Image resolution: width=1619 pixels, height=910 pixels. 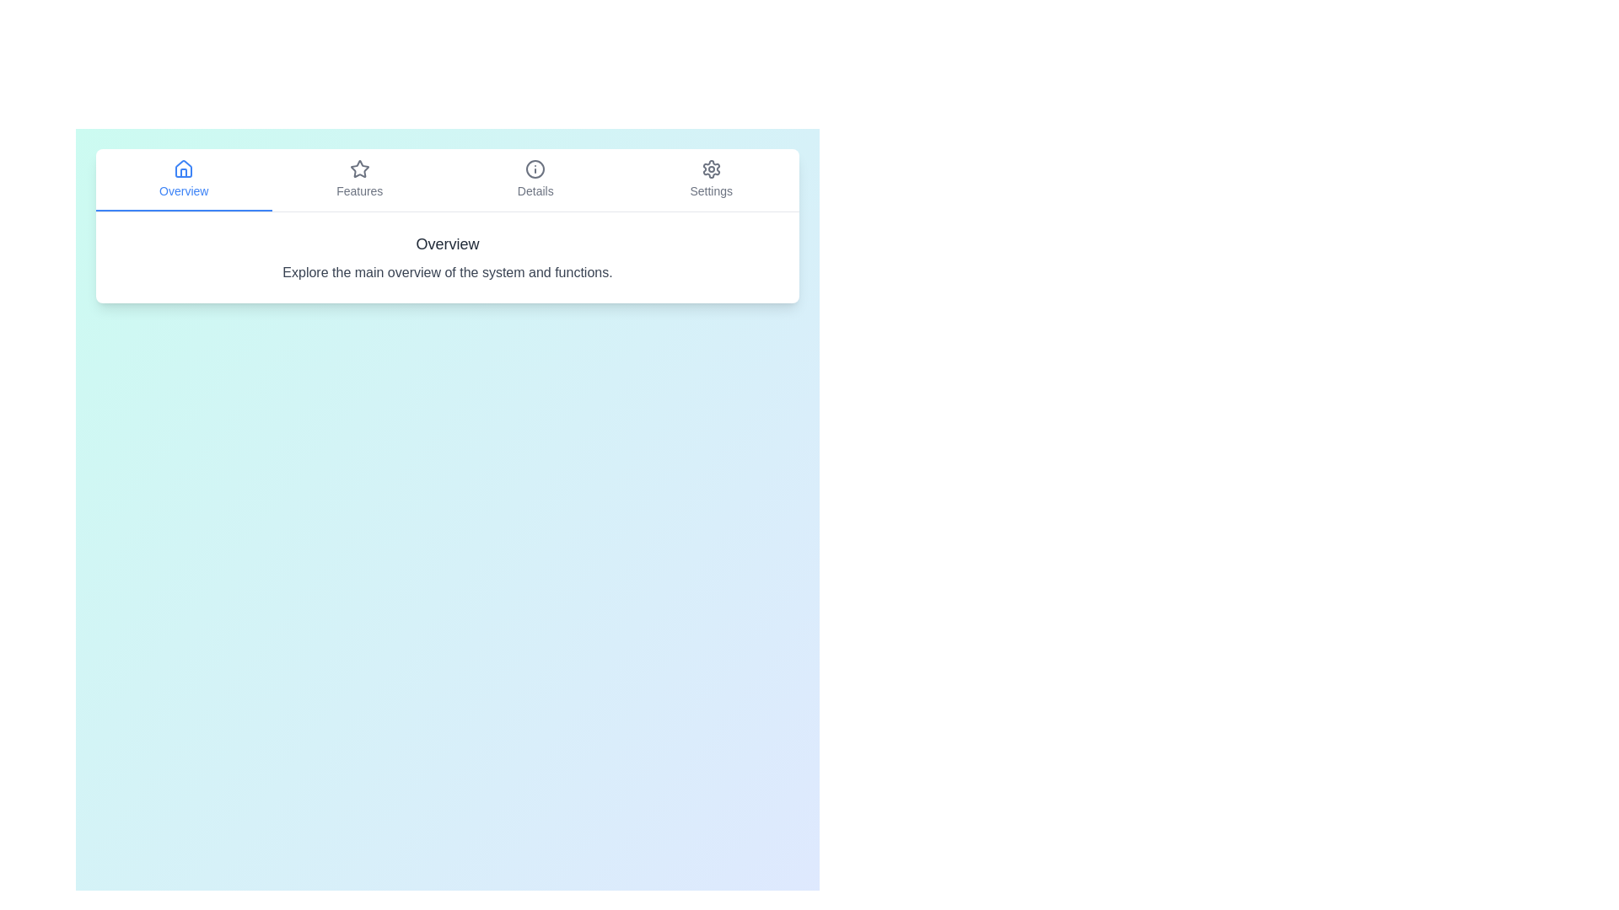 I want to click on the tab labeled Settings, so click(x=712, y=179).